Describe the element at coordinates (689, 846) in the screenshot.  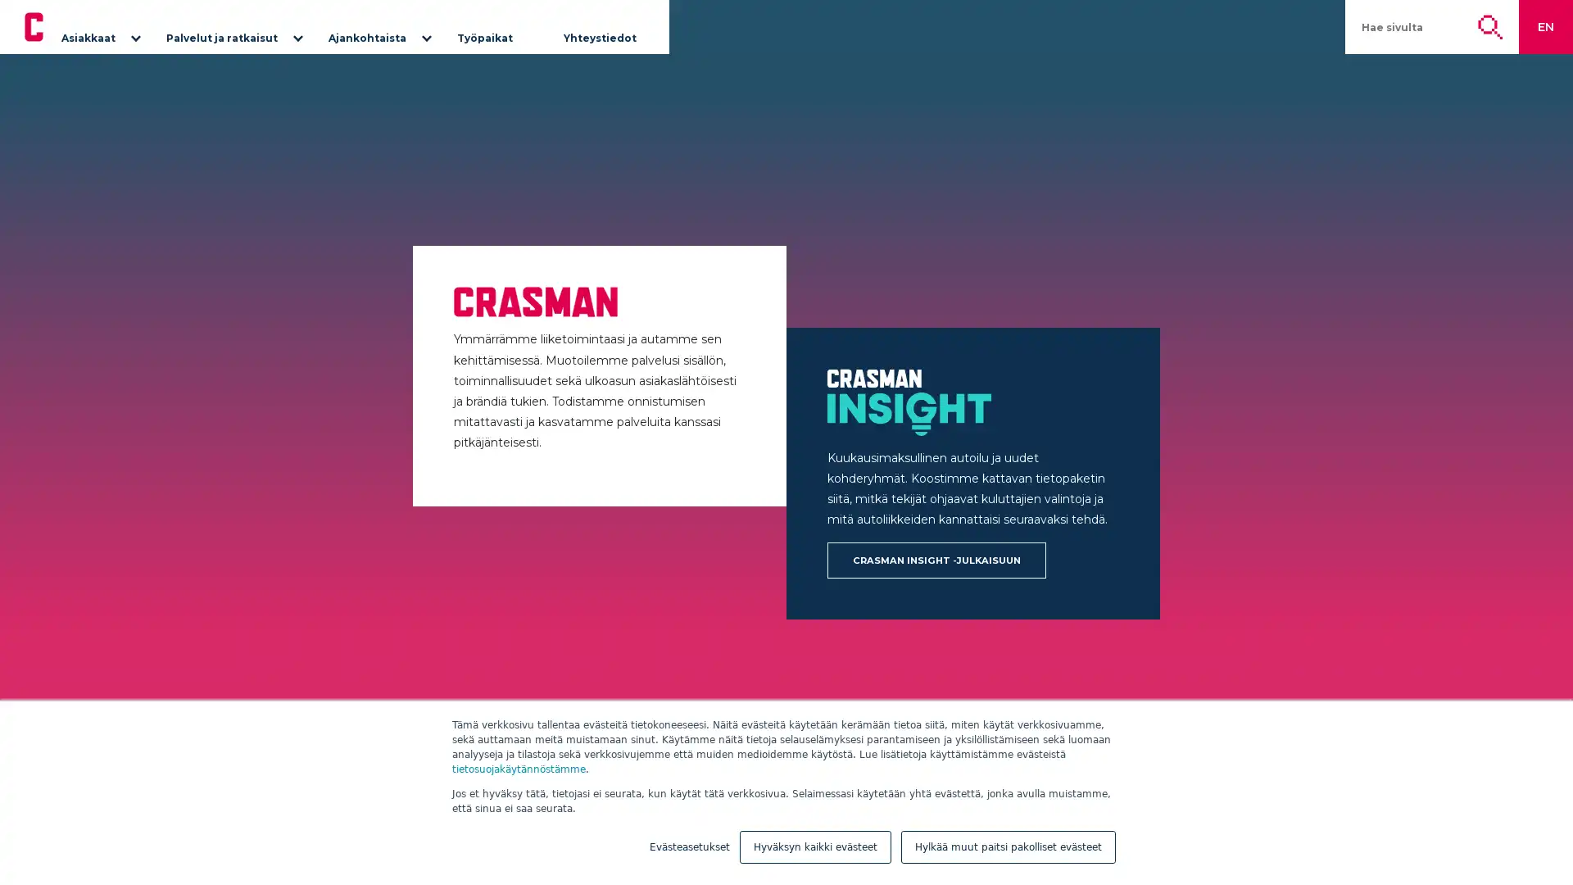
I see `Evasteasetukset` at that location.